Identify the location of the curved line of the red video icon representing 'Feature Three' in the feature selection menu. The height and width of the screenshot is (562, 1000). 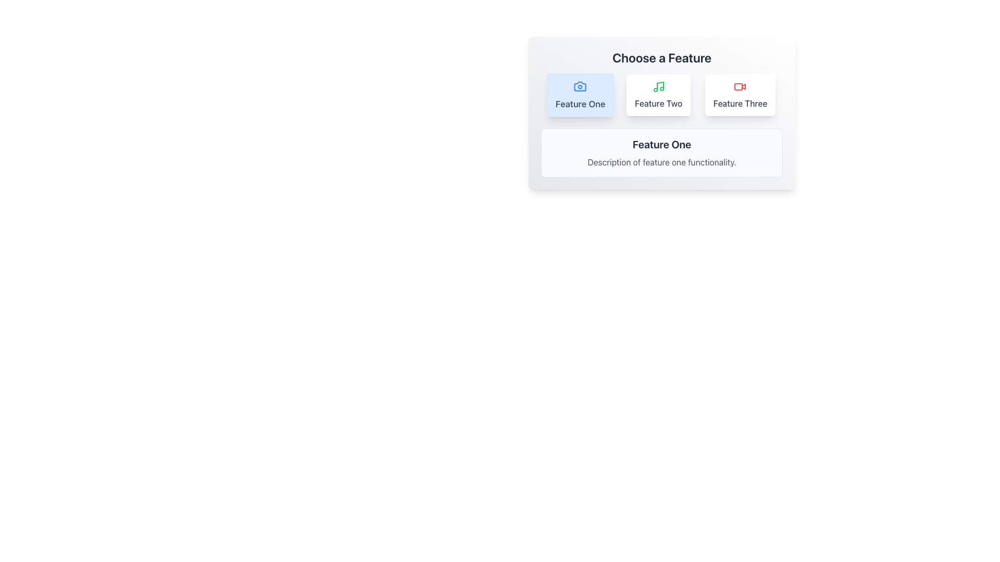
(743, 86).